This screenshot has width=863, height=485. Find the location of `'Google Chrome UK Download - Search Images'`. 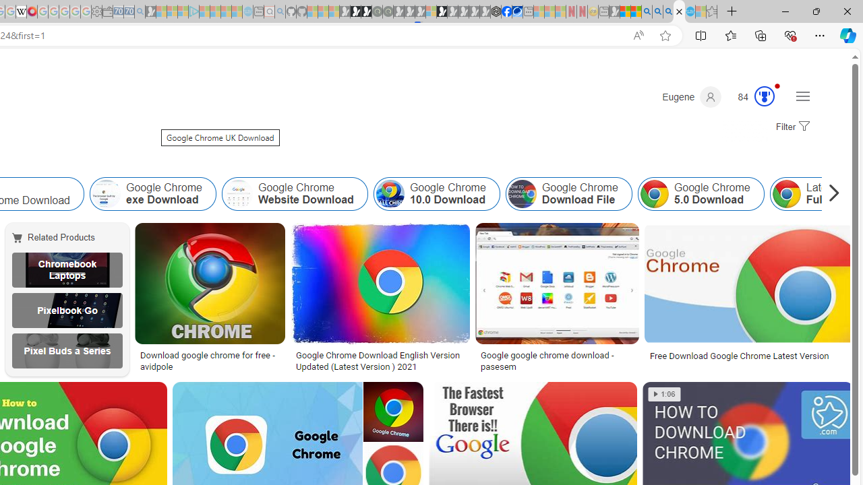

'Google Chrome UK Download - Search Images' is located at coordinates (679, 11).